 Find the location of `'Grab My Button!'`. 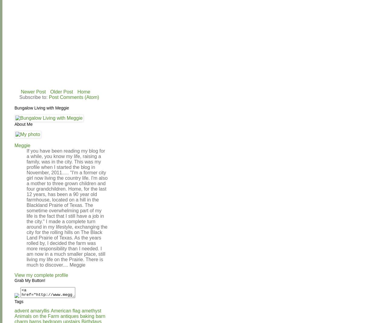

'Grab My Button!' is located at coordinates (29, 280).